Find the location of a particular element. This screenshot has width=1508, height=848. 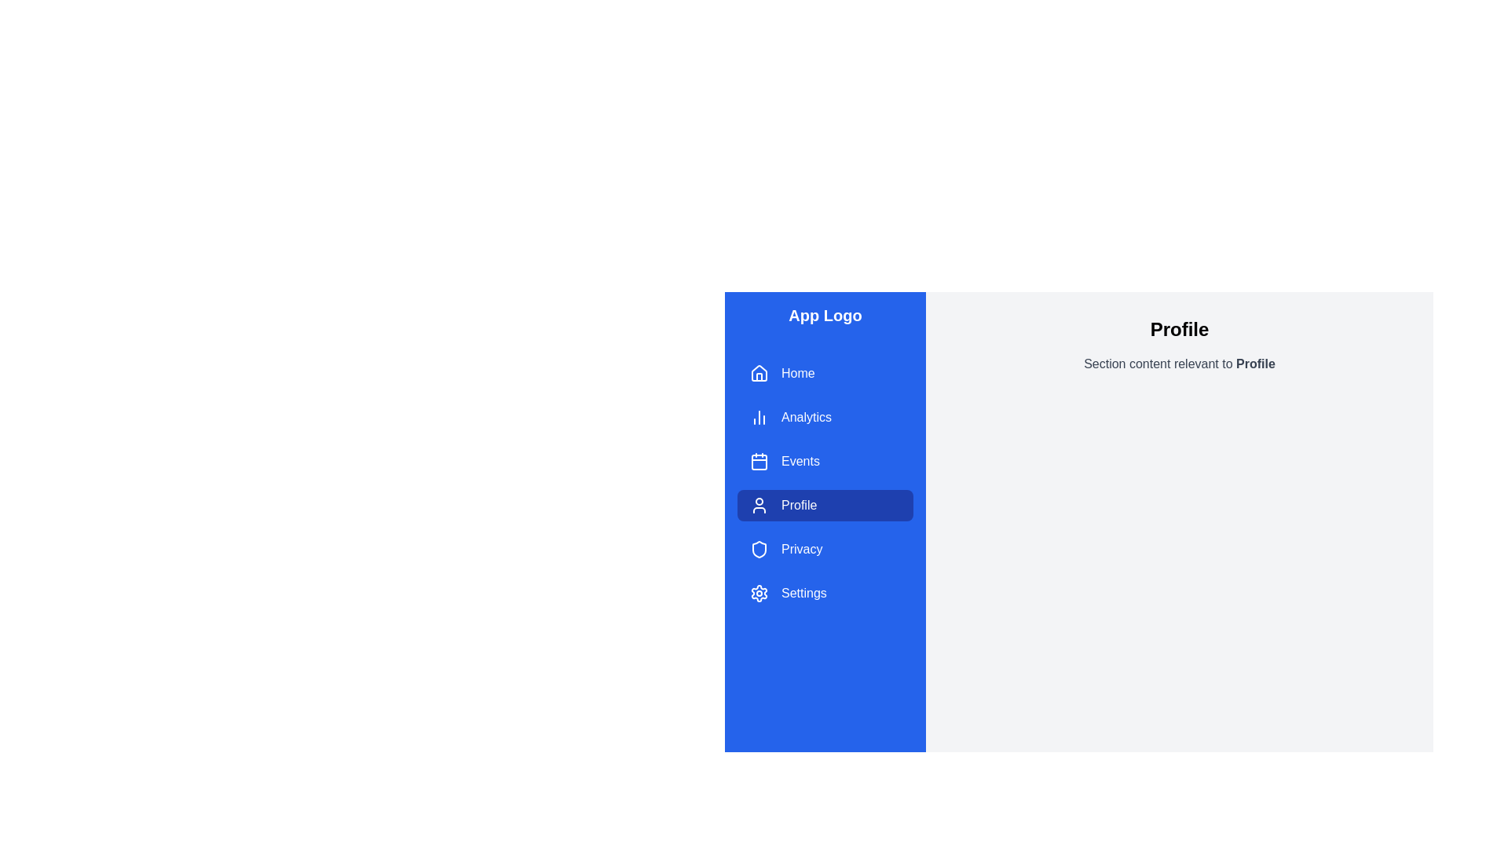

the 'Settings' icon located on the left vertical navigation bar, which serves as an indicator for settings-related actions is located at coordinates (759, 594).